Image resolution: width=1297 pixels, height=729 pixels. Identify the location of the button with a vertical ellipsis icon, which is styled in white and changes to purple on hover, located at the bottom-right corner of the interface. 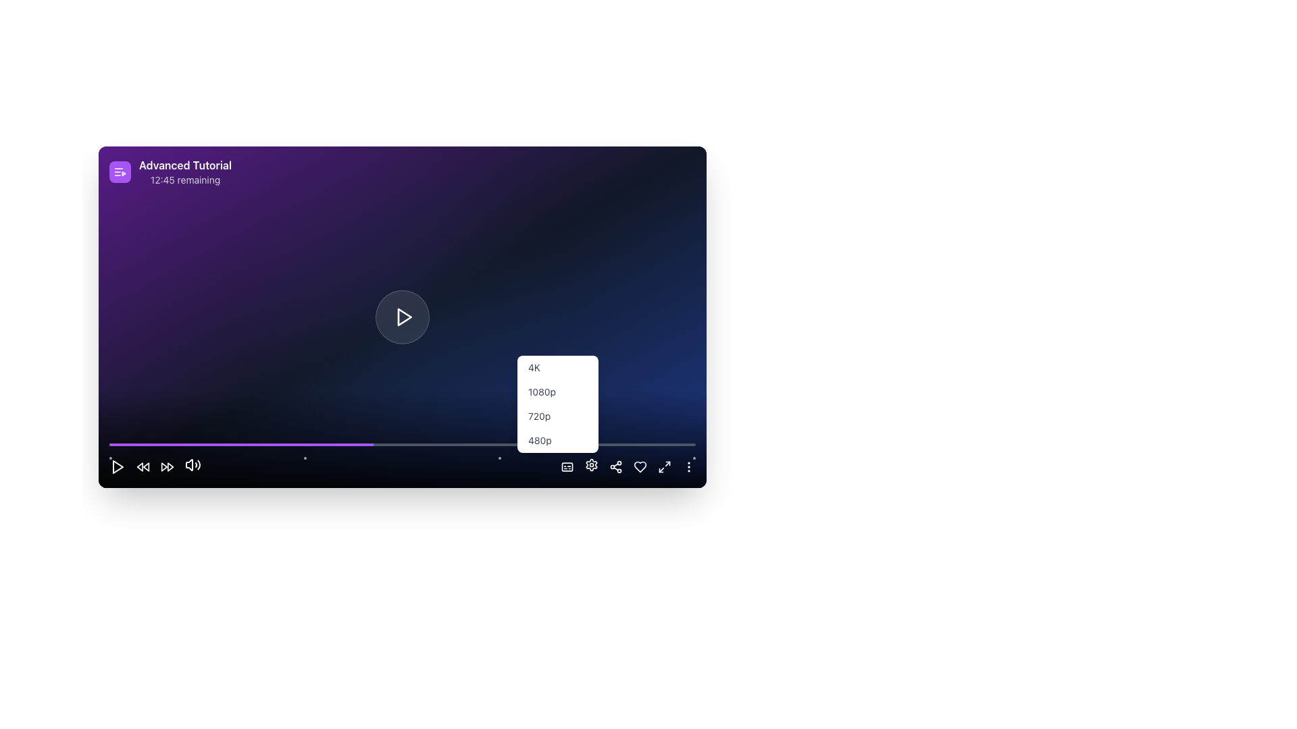
(688, 466).